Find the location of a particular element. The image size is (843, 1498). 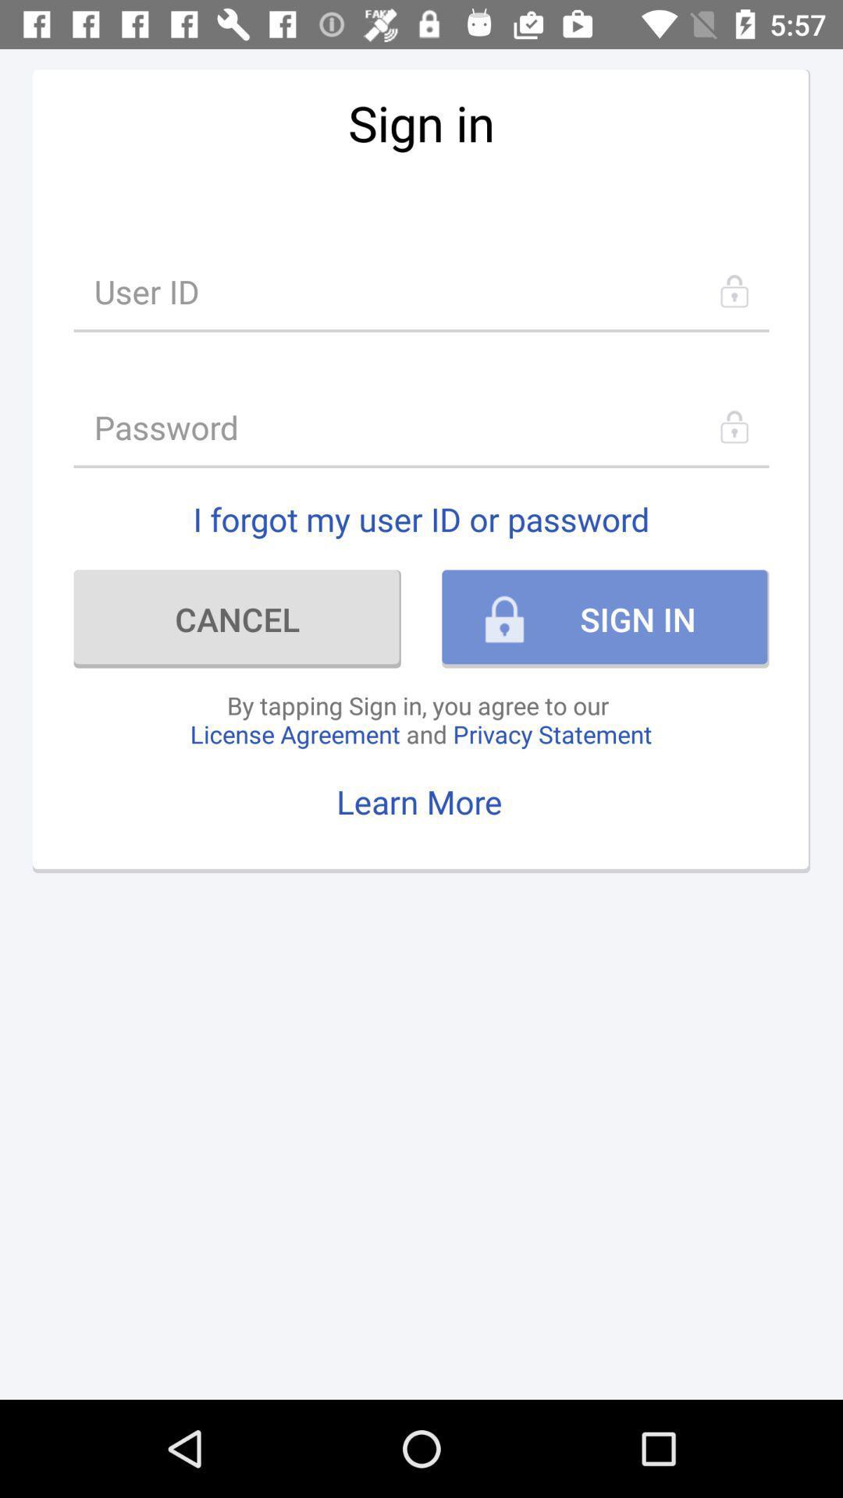

user id tab is located at coordinates (421, 291).